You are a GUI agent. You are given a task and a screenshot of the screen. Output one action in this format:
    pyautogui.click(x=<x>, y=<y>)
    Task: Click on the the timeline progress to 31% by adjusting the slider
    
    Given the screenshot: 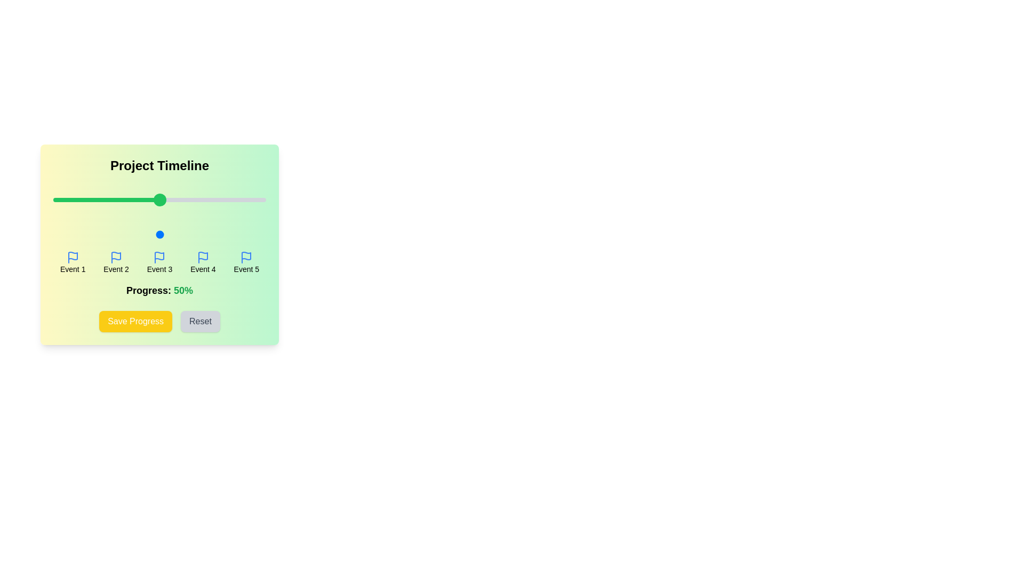 What is the action you would take?
    pyautogui.click(x=119, y=234)
    